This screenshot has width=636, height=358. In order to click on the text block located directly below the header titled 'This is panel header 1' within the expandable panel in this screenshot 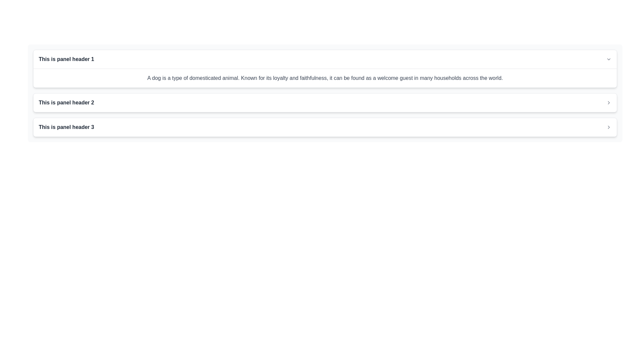, I will do `click(325, 78)`.